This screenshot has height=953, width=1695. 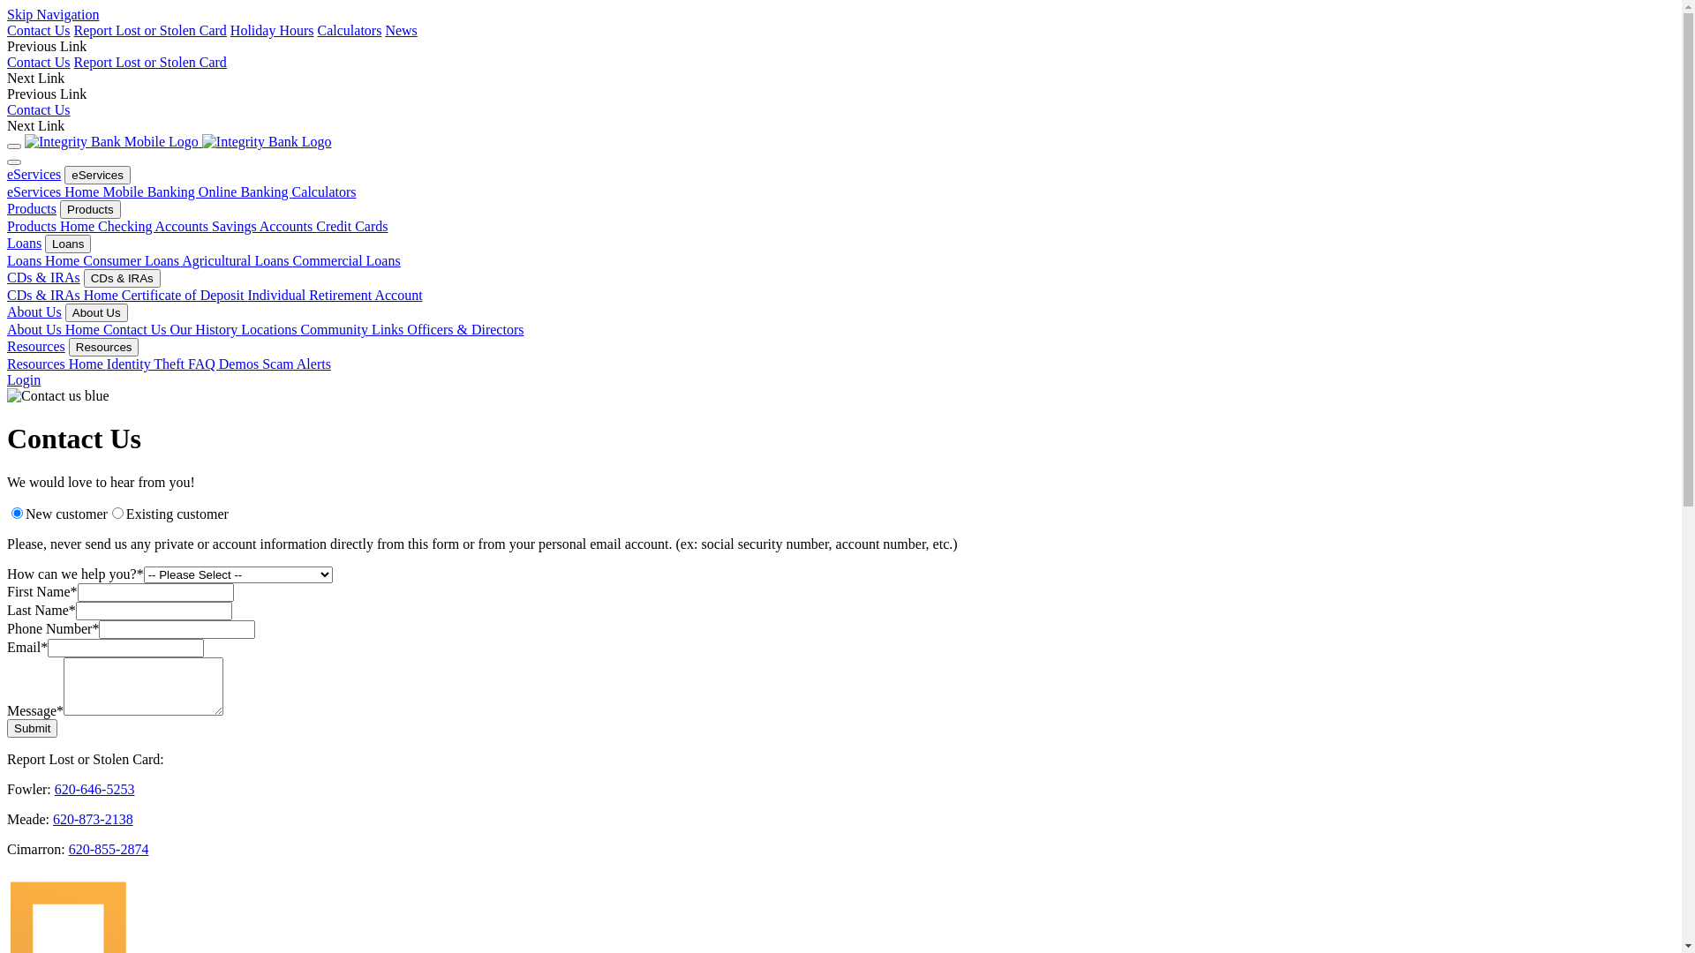 What do you see at coordinates (52, 225) in the screenshot?
I see `'Products Home'` at bounding box center [52, 225].